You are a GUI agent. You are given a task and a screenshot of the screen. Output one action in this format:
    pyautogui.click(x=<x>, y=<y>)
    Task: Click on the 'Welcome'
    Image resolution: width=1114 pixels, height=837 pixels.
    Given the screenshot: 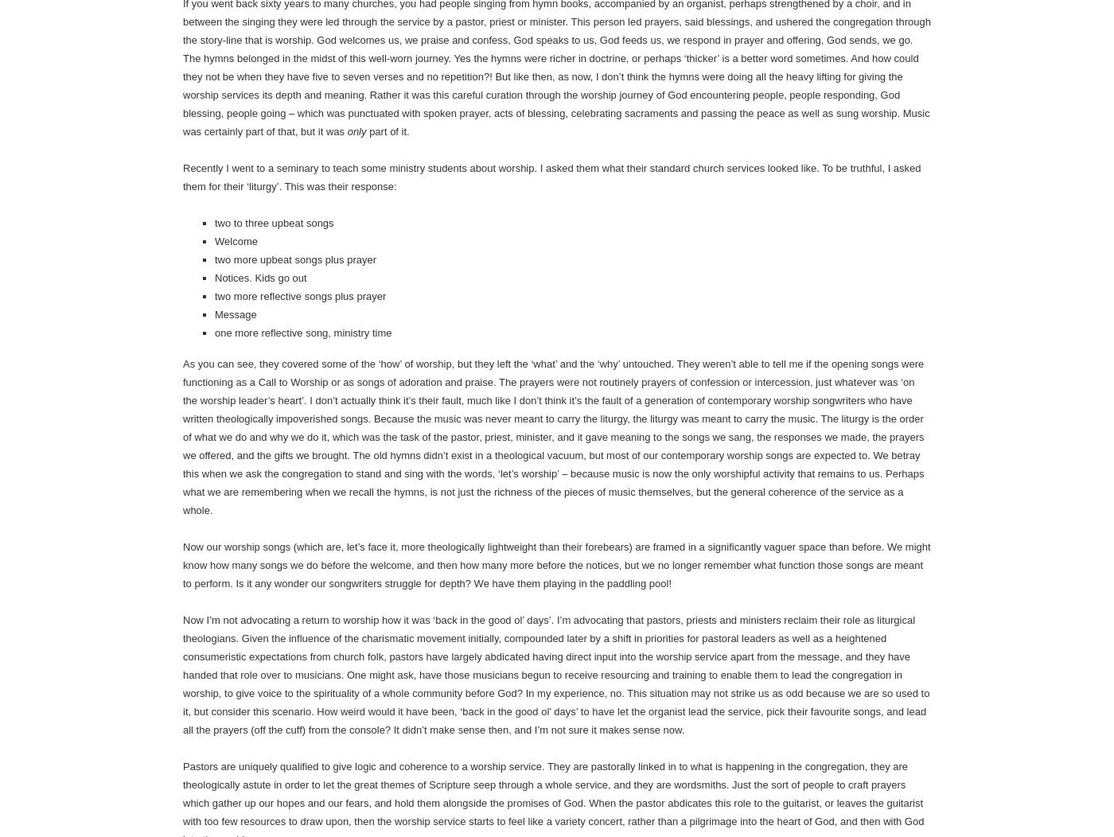 What is the action you would take?
    pyautogui.click(x=215, y=241)
    